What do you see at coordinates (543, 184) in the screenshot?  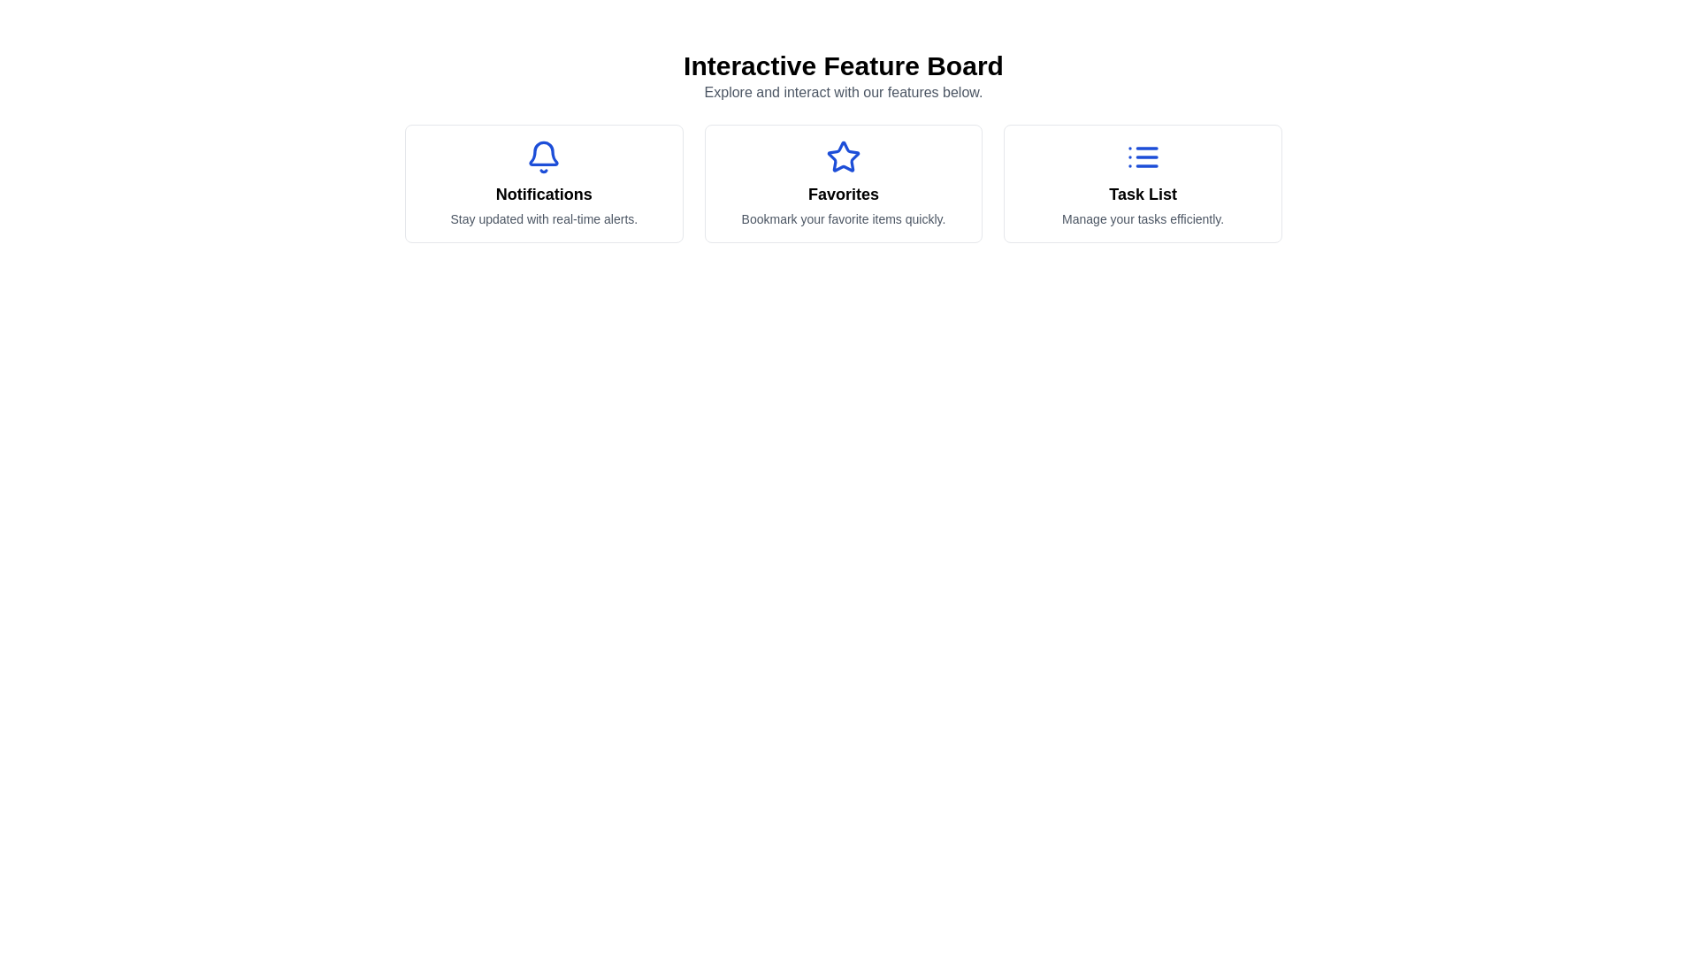 I see `the notifications feature card, which is the leftmost card in a row of three cards within the grid layout` at bounding box center [543, 184].